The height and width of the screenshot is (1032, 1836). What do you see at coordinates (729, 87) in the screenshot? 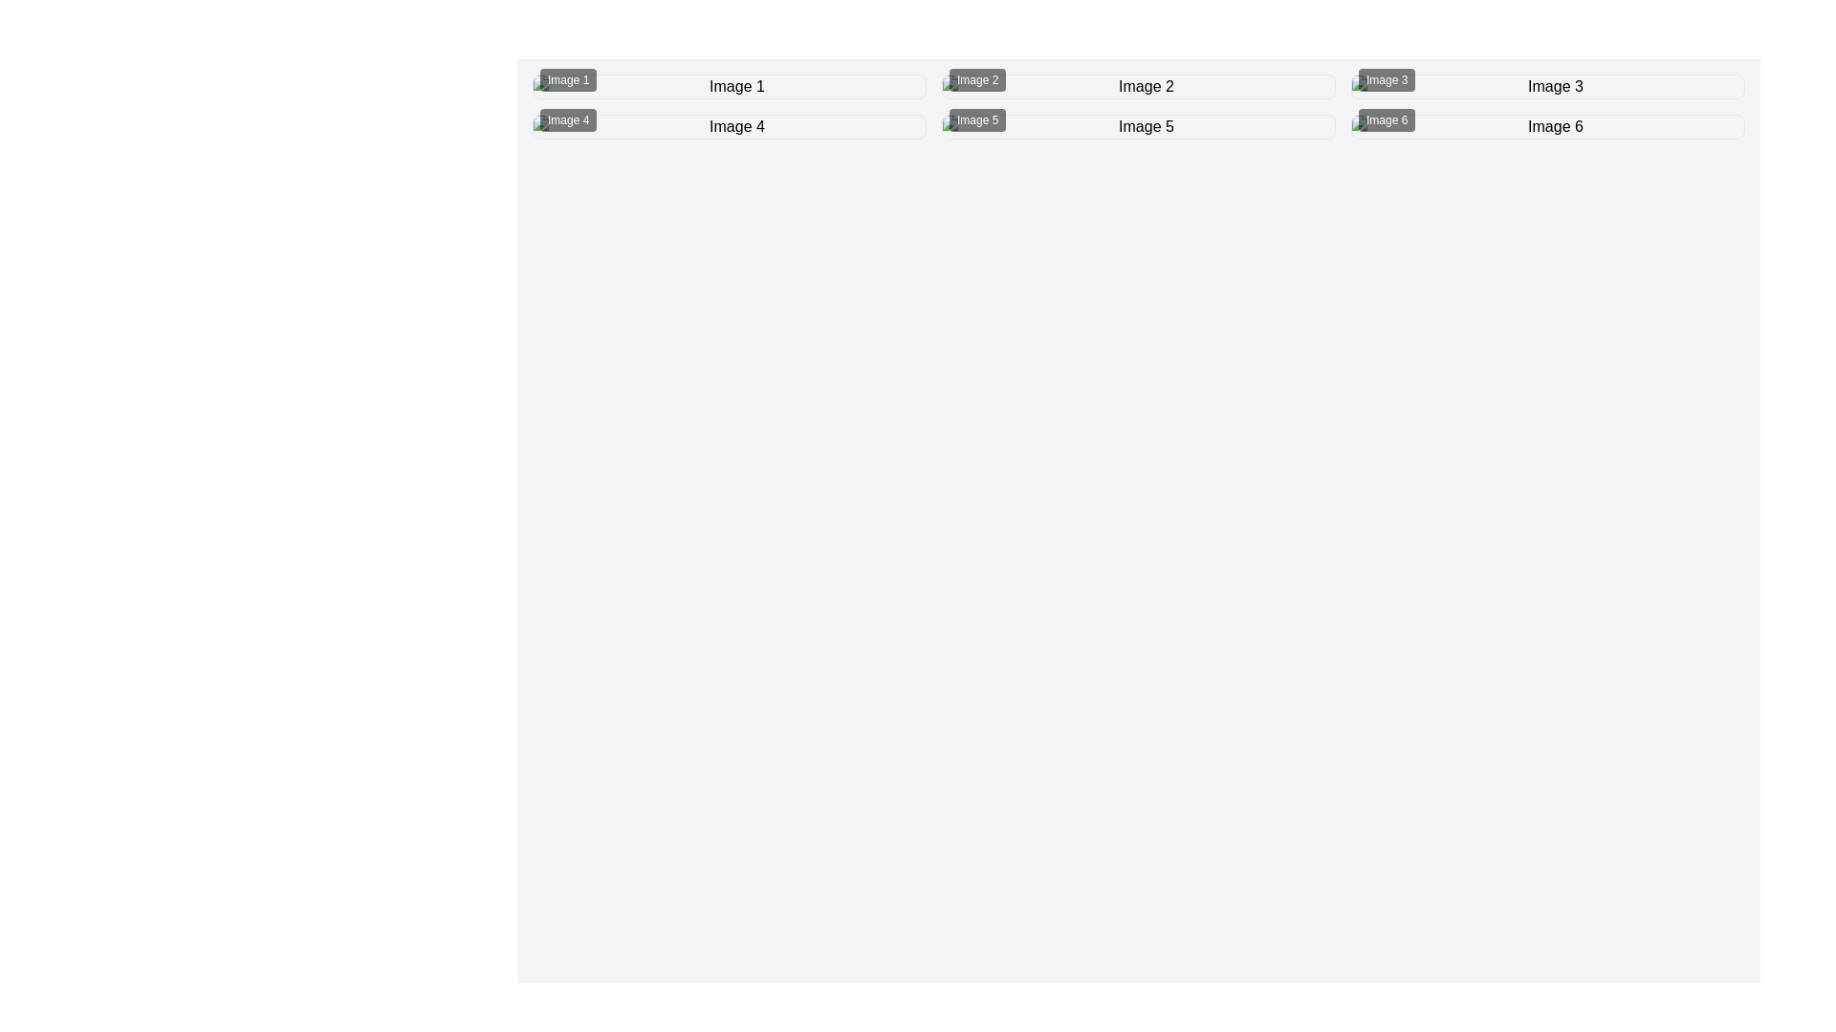
I see `the clickable visual component identified as 'Image 1'` at bounding box center [729, 87].